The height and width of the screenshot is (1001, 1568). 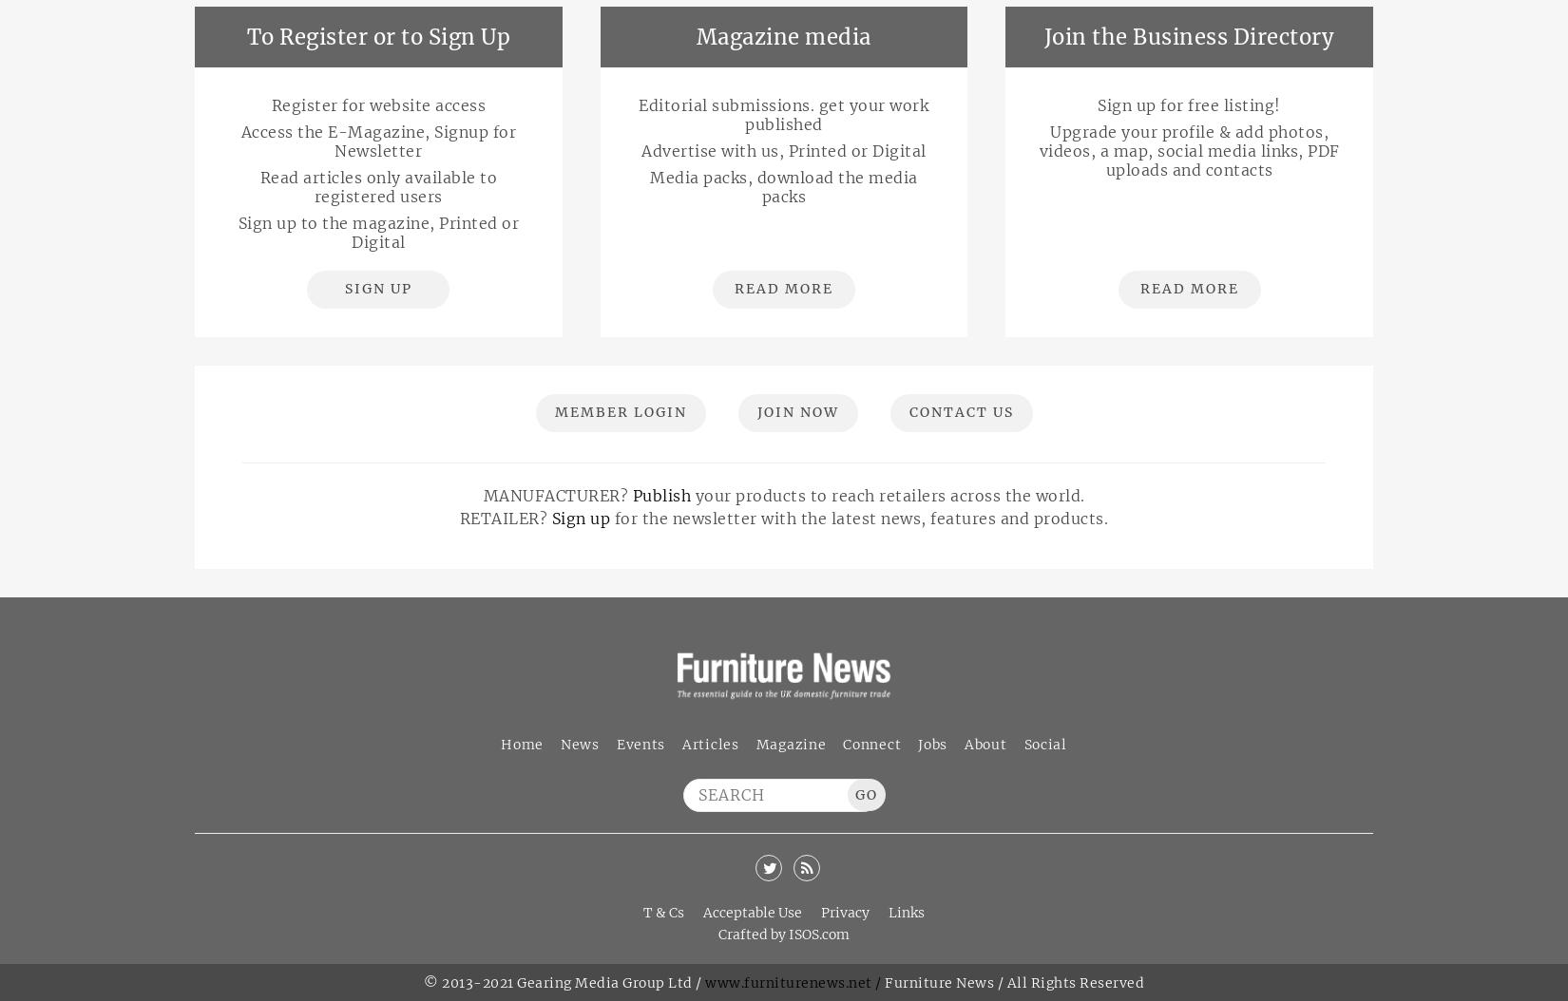 I want to click on 'T & Cs', so click(x=641, y=913).